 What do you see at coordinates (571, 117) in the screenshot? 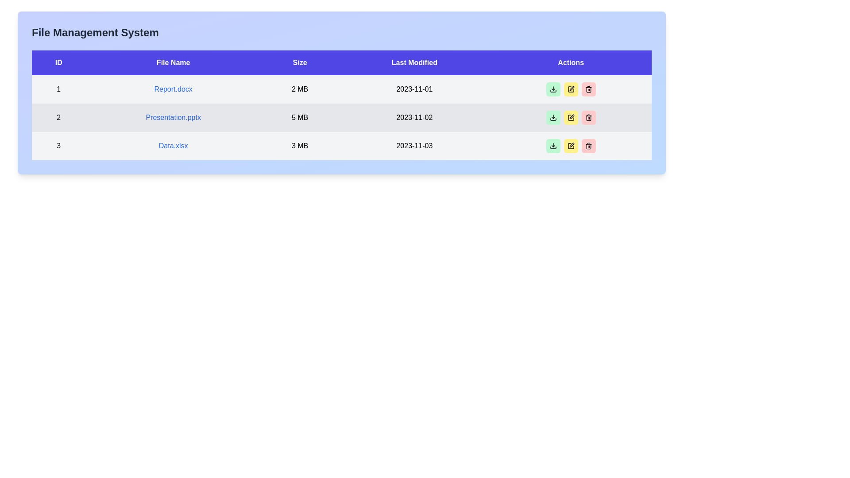
I see `the edit button located in the 'Actions' column of the second row in the table, which is positioned between the green download button and the red delete button` at bounding box center [571, 117].